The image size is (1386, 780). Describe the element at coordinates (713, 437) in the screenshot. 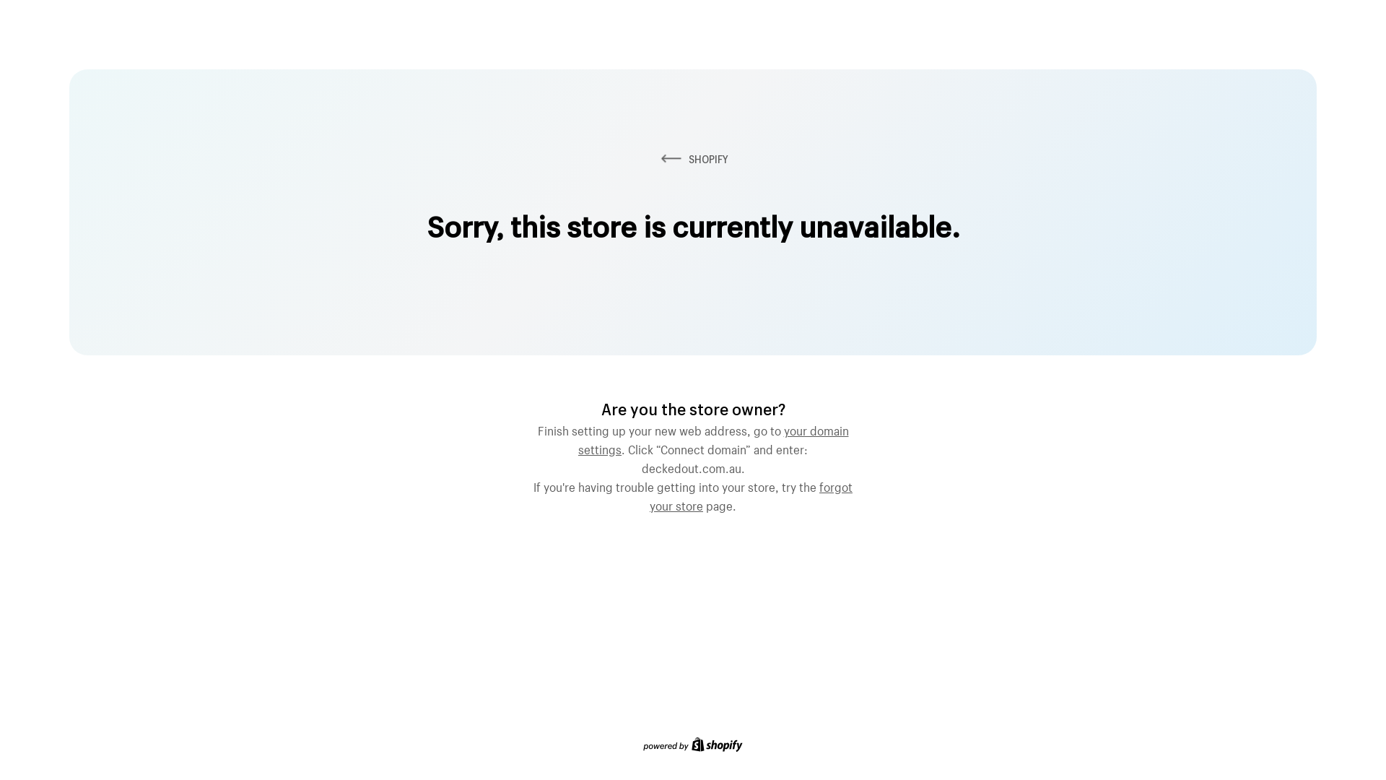

I see `'your domain settings'` at that location.